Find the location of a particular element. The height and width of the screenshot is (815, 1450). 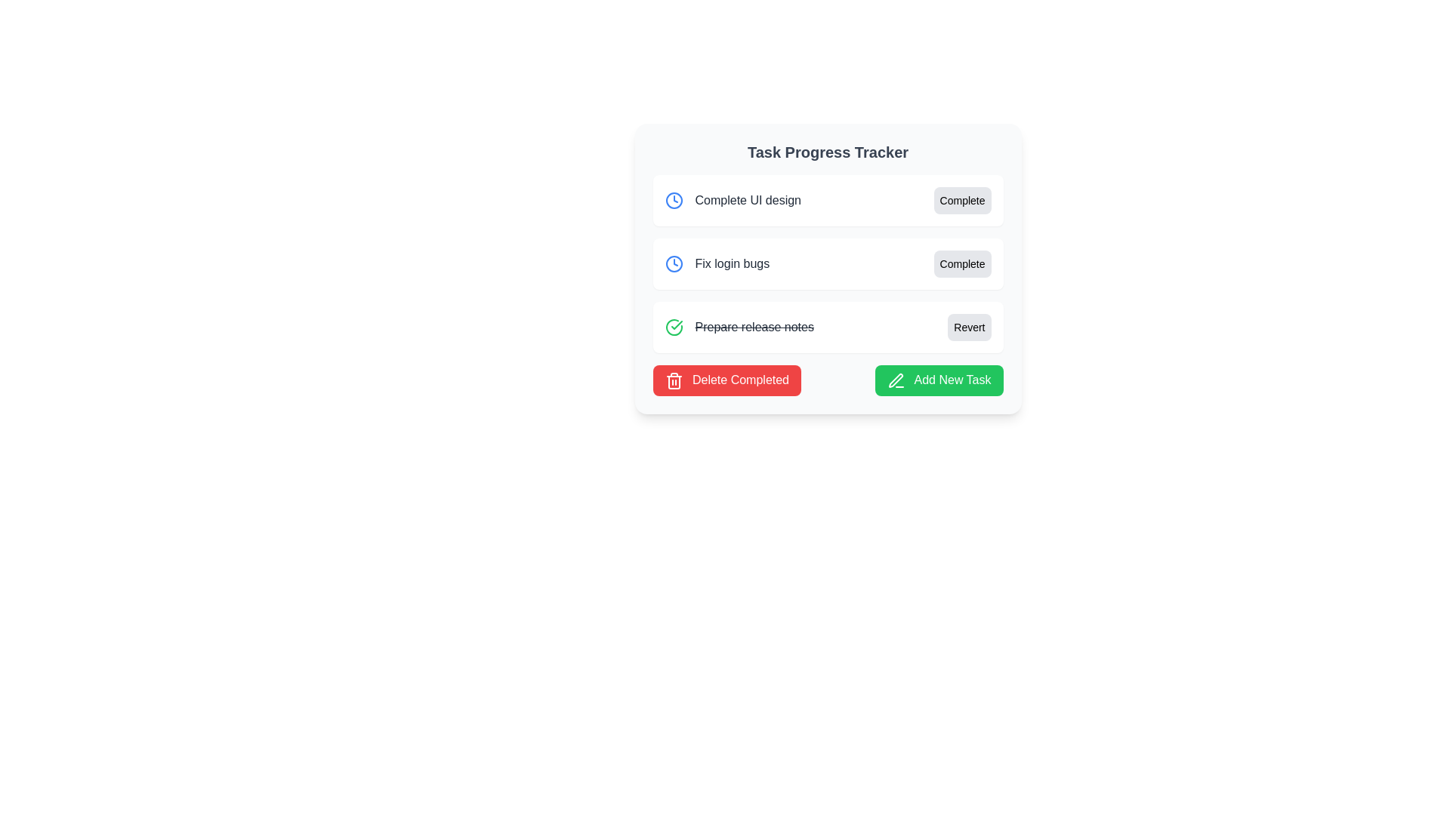

the trash bin icon within the red 'Delete Completed' button located at the bottom left corner of the task management interface is located at coordinates (673, 381).